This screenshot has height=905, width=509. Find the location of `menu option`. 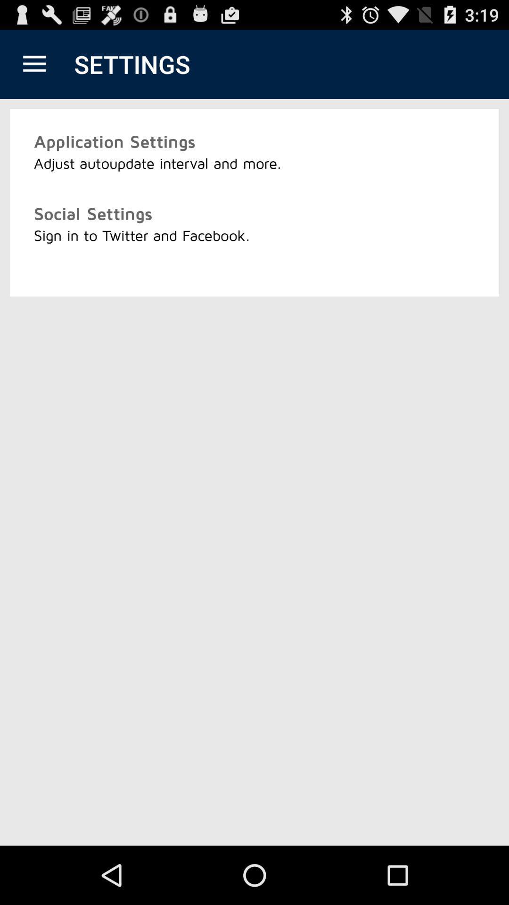

menu option is located at coordinates (34, 64).